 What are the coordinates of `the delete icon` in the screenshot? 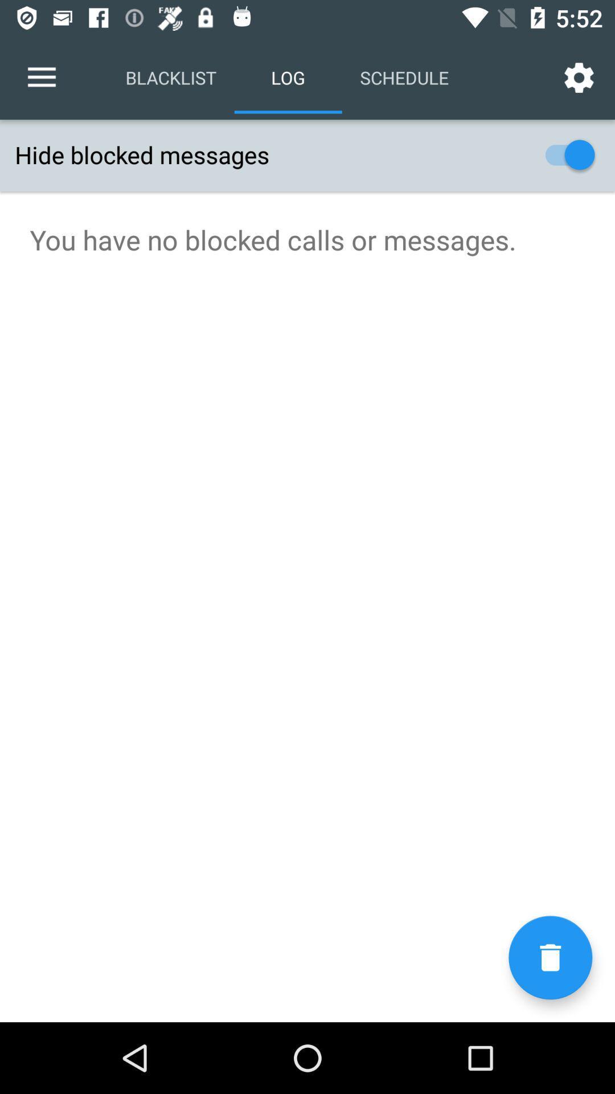 It's located at (550, 957).